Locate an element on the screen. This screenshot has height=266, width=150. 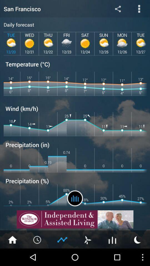
clock is located at coordinates (37, 239).